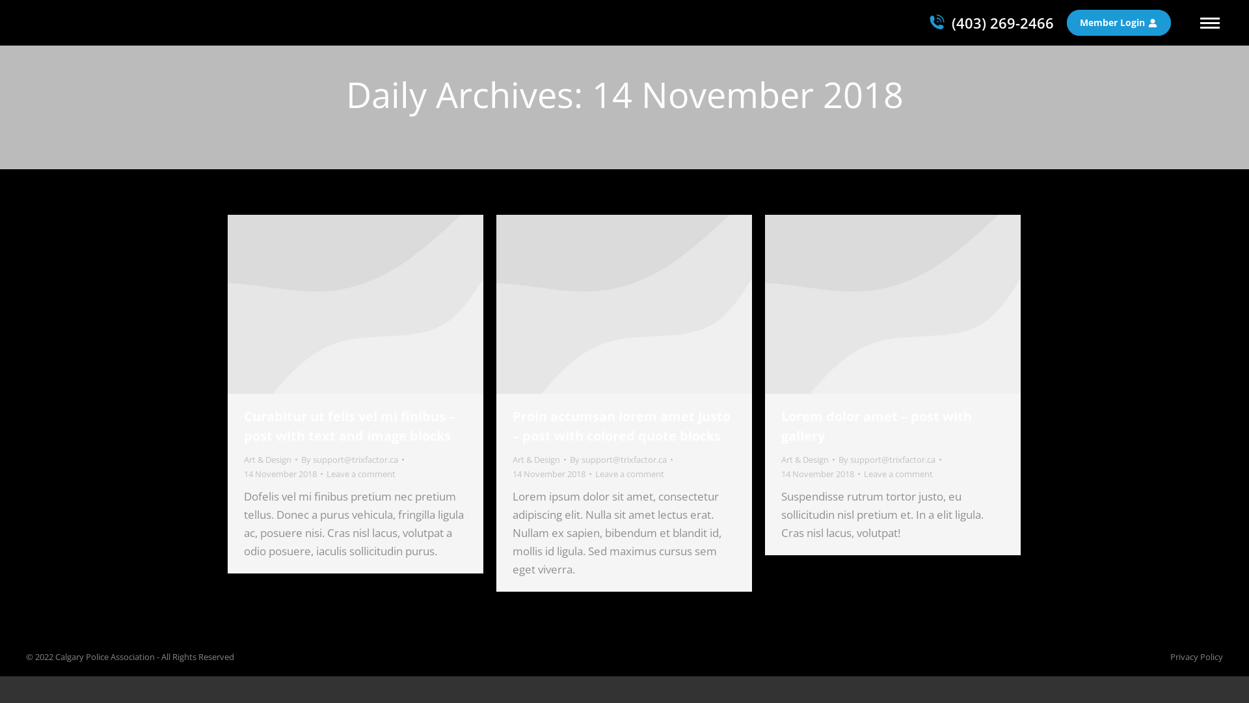 Image resolution: width=1249 pixels, height=703 pixels. I want to click on 'Art & Design', so click(267, 458).